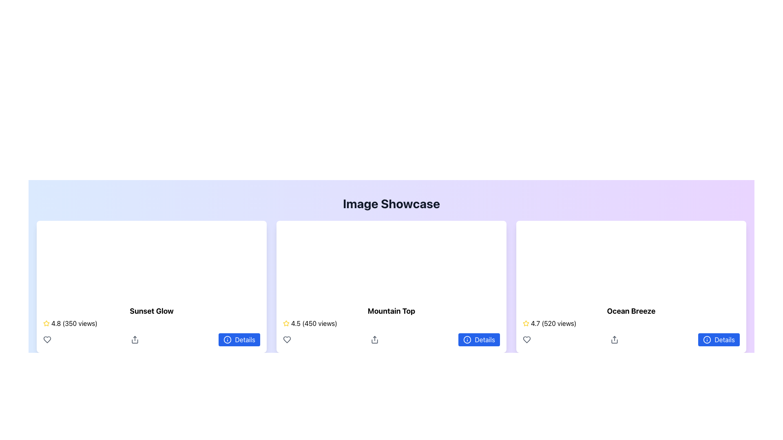 This screenshot has height=440, width=783. What do you see at coordinates (615, 339) in the screenshot?
I see `the share icon, which is represented as an upward-pointing arrow with thin lines, located slightly below and to the right of the rating and favorite icon, to initiate a share action` at bounding box center [615, 339].